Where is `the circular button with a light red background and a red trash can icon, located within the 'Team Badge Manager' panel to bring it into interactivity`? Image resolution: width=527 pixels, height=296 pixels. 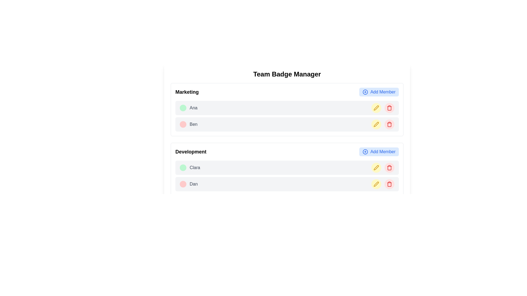 the circular button with a light red background and a red trash can icon, located within the 'Team Badge Manager' panel to bring it into interactivity is located at coordinates (389, 108).